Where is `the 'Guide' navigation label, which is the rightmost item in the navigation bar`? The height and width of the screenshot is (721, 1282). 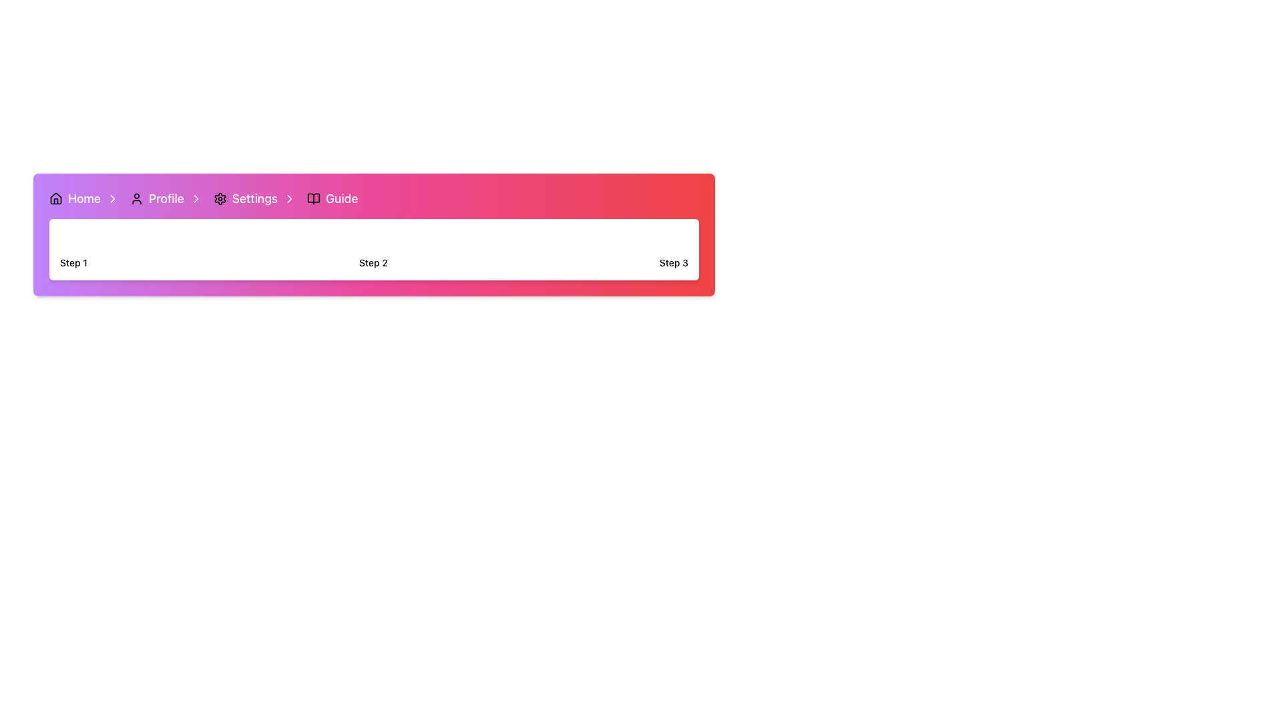
the 'Guide' navigation label, which is the rightmost item in the navigation bar is located at coordinates (333, 198).